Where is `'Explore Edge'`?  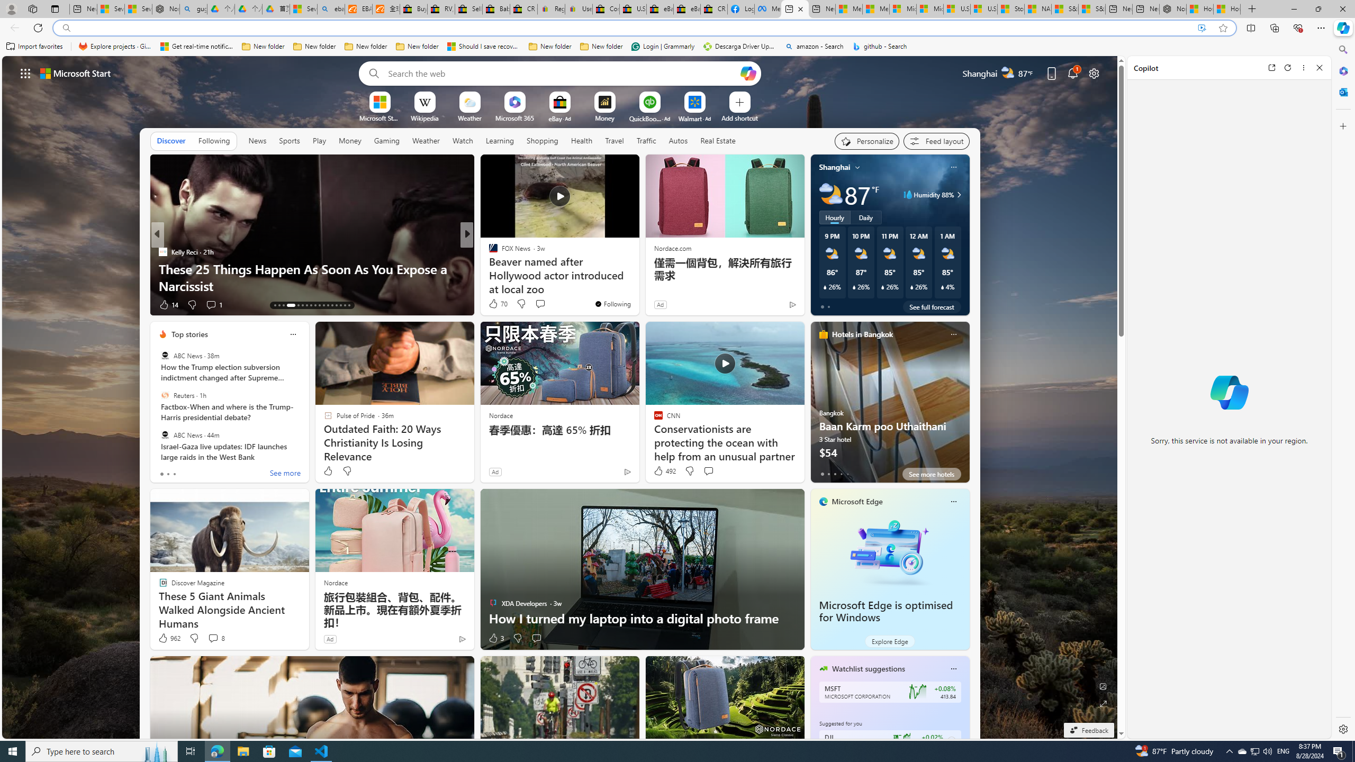
'Explore Edge' is located at coordinates (889, 640).